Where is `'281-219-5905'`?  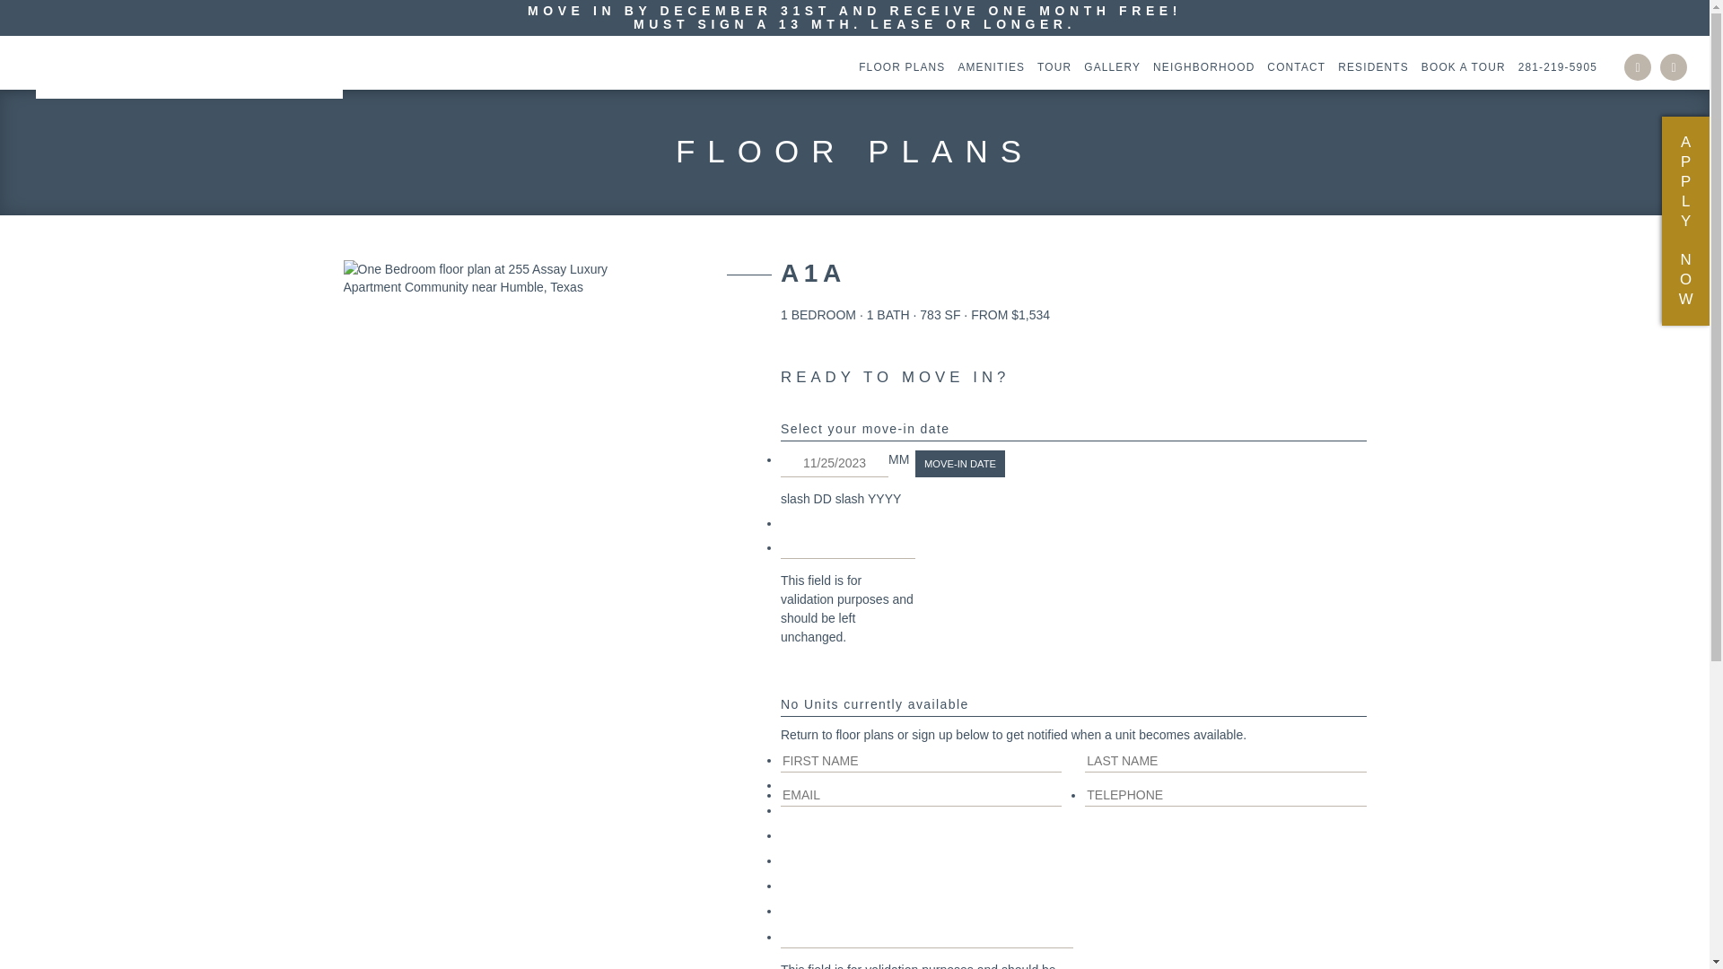
'281-219-5905' is located at coordinates (1552, 65).